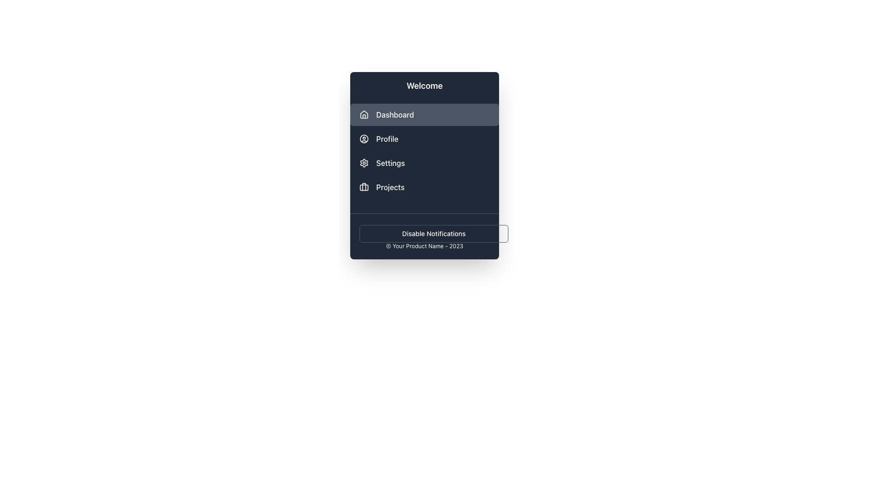 The width and height of the screenshot is (893, 502). Describe the element at coordinates (363, 187) in the screenshot. I see `the 'Projects' icon in the menu that visually represents the 'Projects' category, located to the left of the textual label 'Projects'` at that location.